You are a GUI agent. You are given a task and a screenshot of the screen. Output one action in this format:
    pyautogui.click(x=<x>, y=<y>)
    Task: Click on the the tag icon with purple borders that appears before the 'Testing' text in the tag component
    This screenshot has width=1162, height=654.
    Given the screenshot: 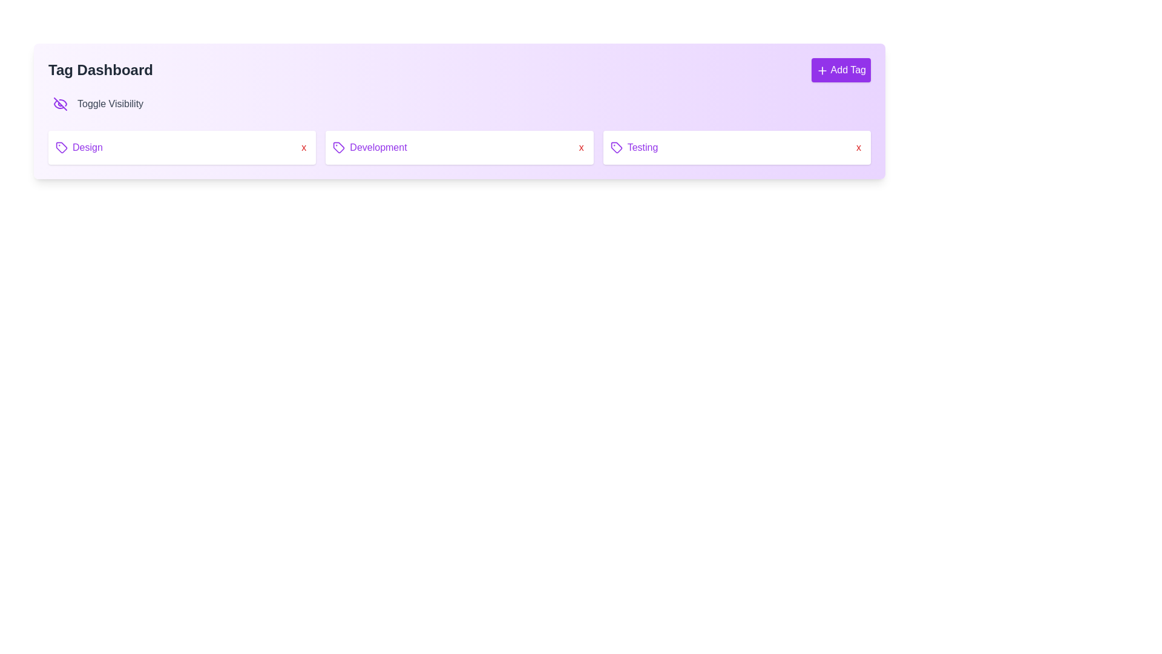 What is the action you would take?
    pyautogui.click(x=616, y=147)
    